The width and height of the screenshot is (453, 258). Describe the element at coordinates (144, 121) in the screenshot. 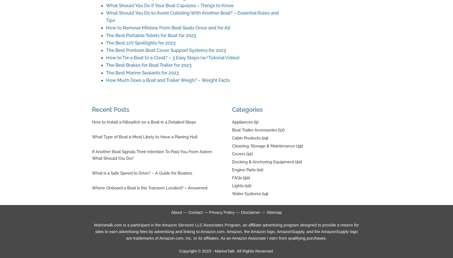

I see `'How to Install a Killswitch on a Boat in 4 Detailed Steps'` at that location.